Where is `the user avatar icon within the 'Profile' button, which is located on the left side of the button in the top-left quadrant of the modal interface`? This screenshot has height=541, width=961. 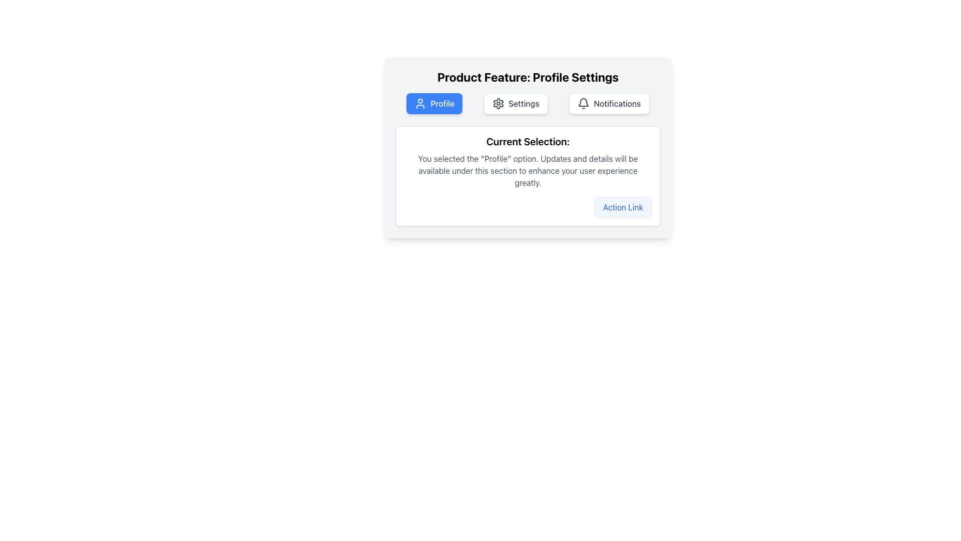 the user avatar icon within the 'Profile' button, which is located on the left side of the button in the top-left quadrant of the modal interface is located at coordinates (420, 104).